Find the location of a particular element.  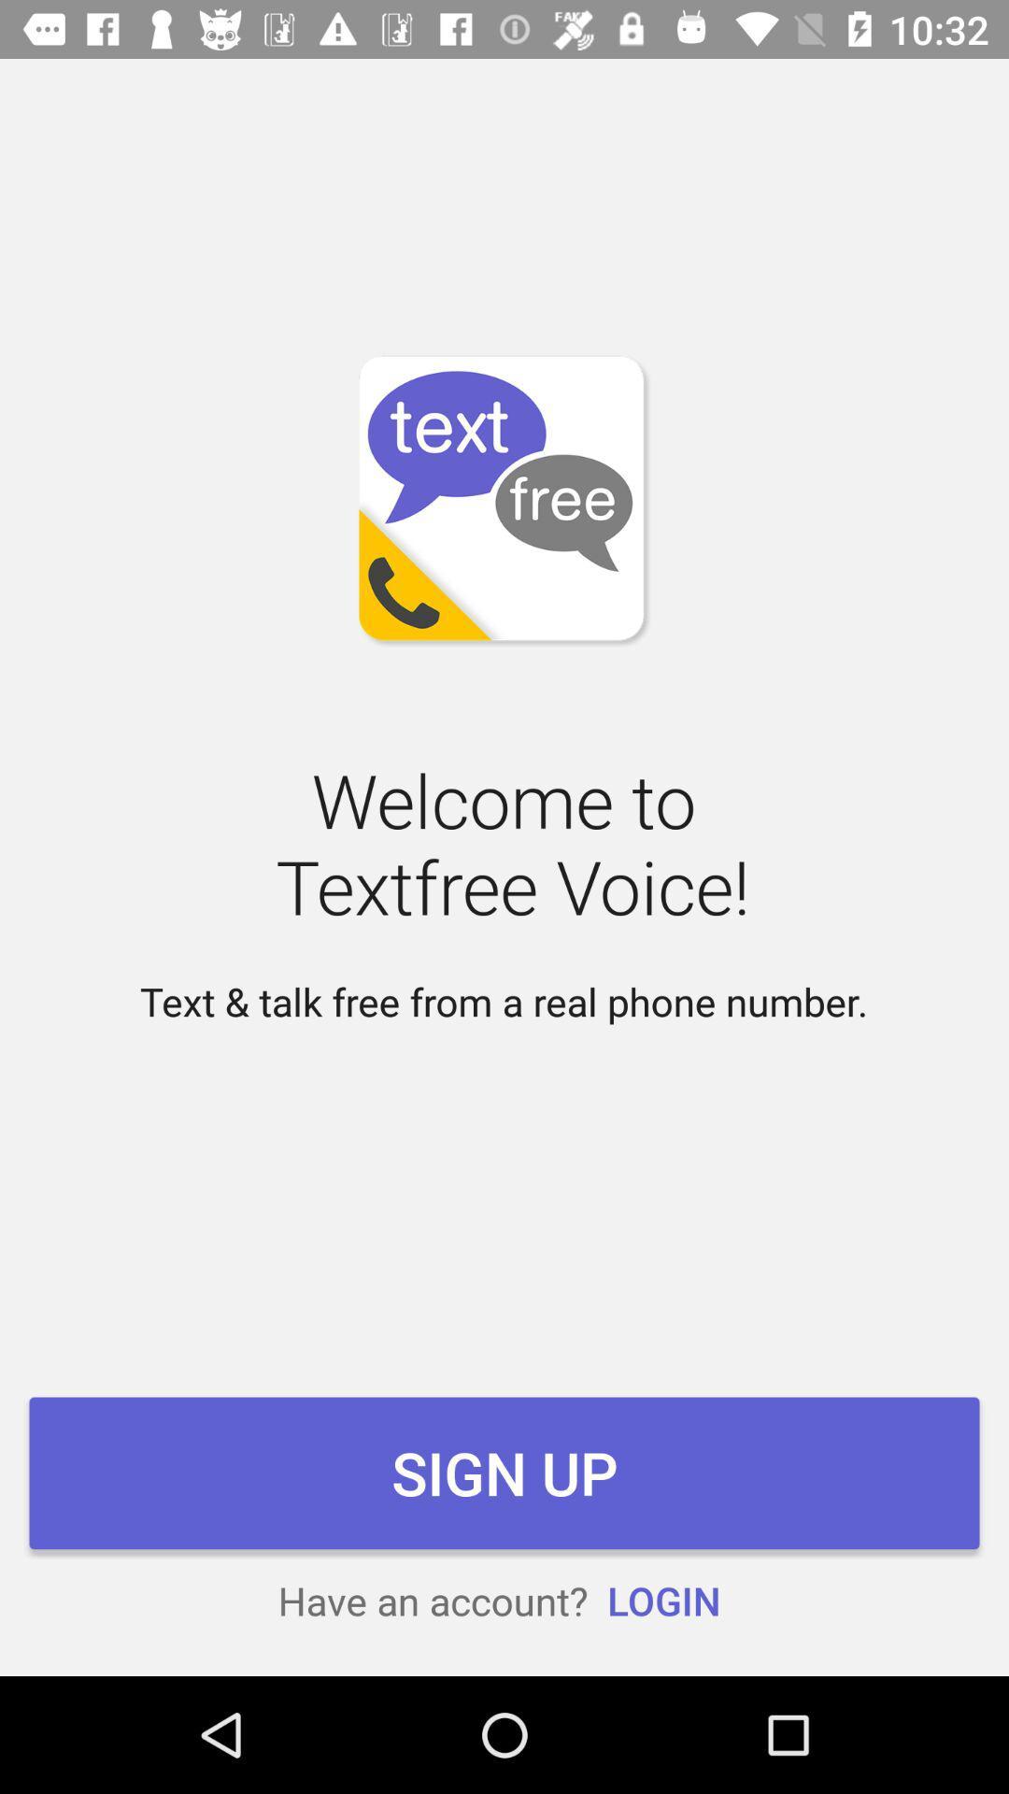

the item above the login is located at coordinates (504, 1472).